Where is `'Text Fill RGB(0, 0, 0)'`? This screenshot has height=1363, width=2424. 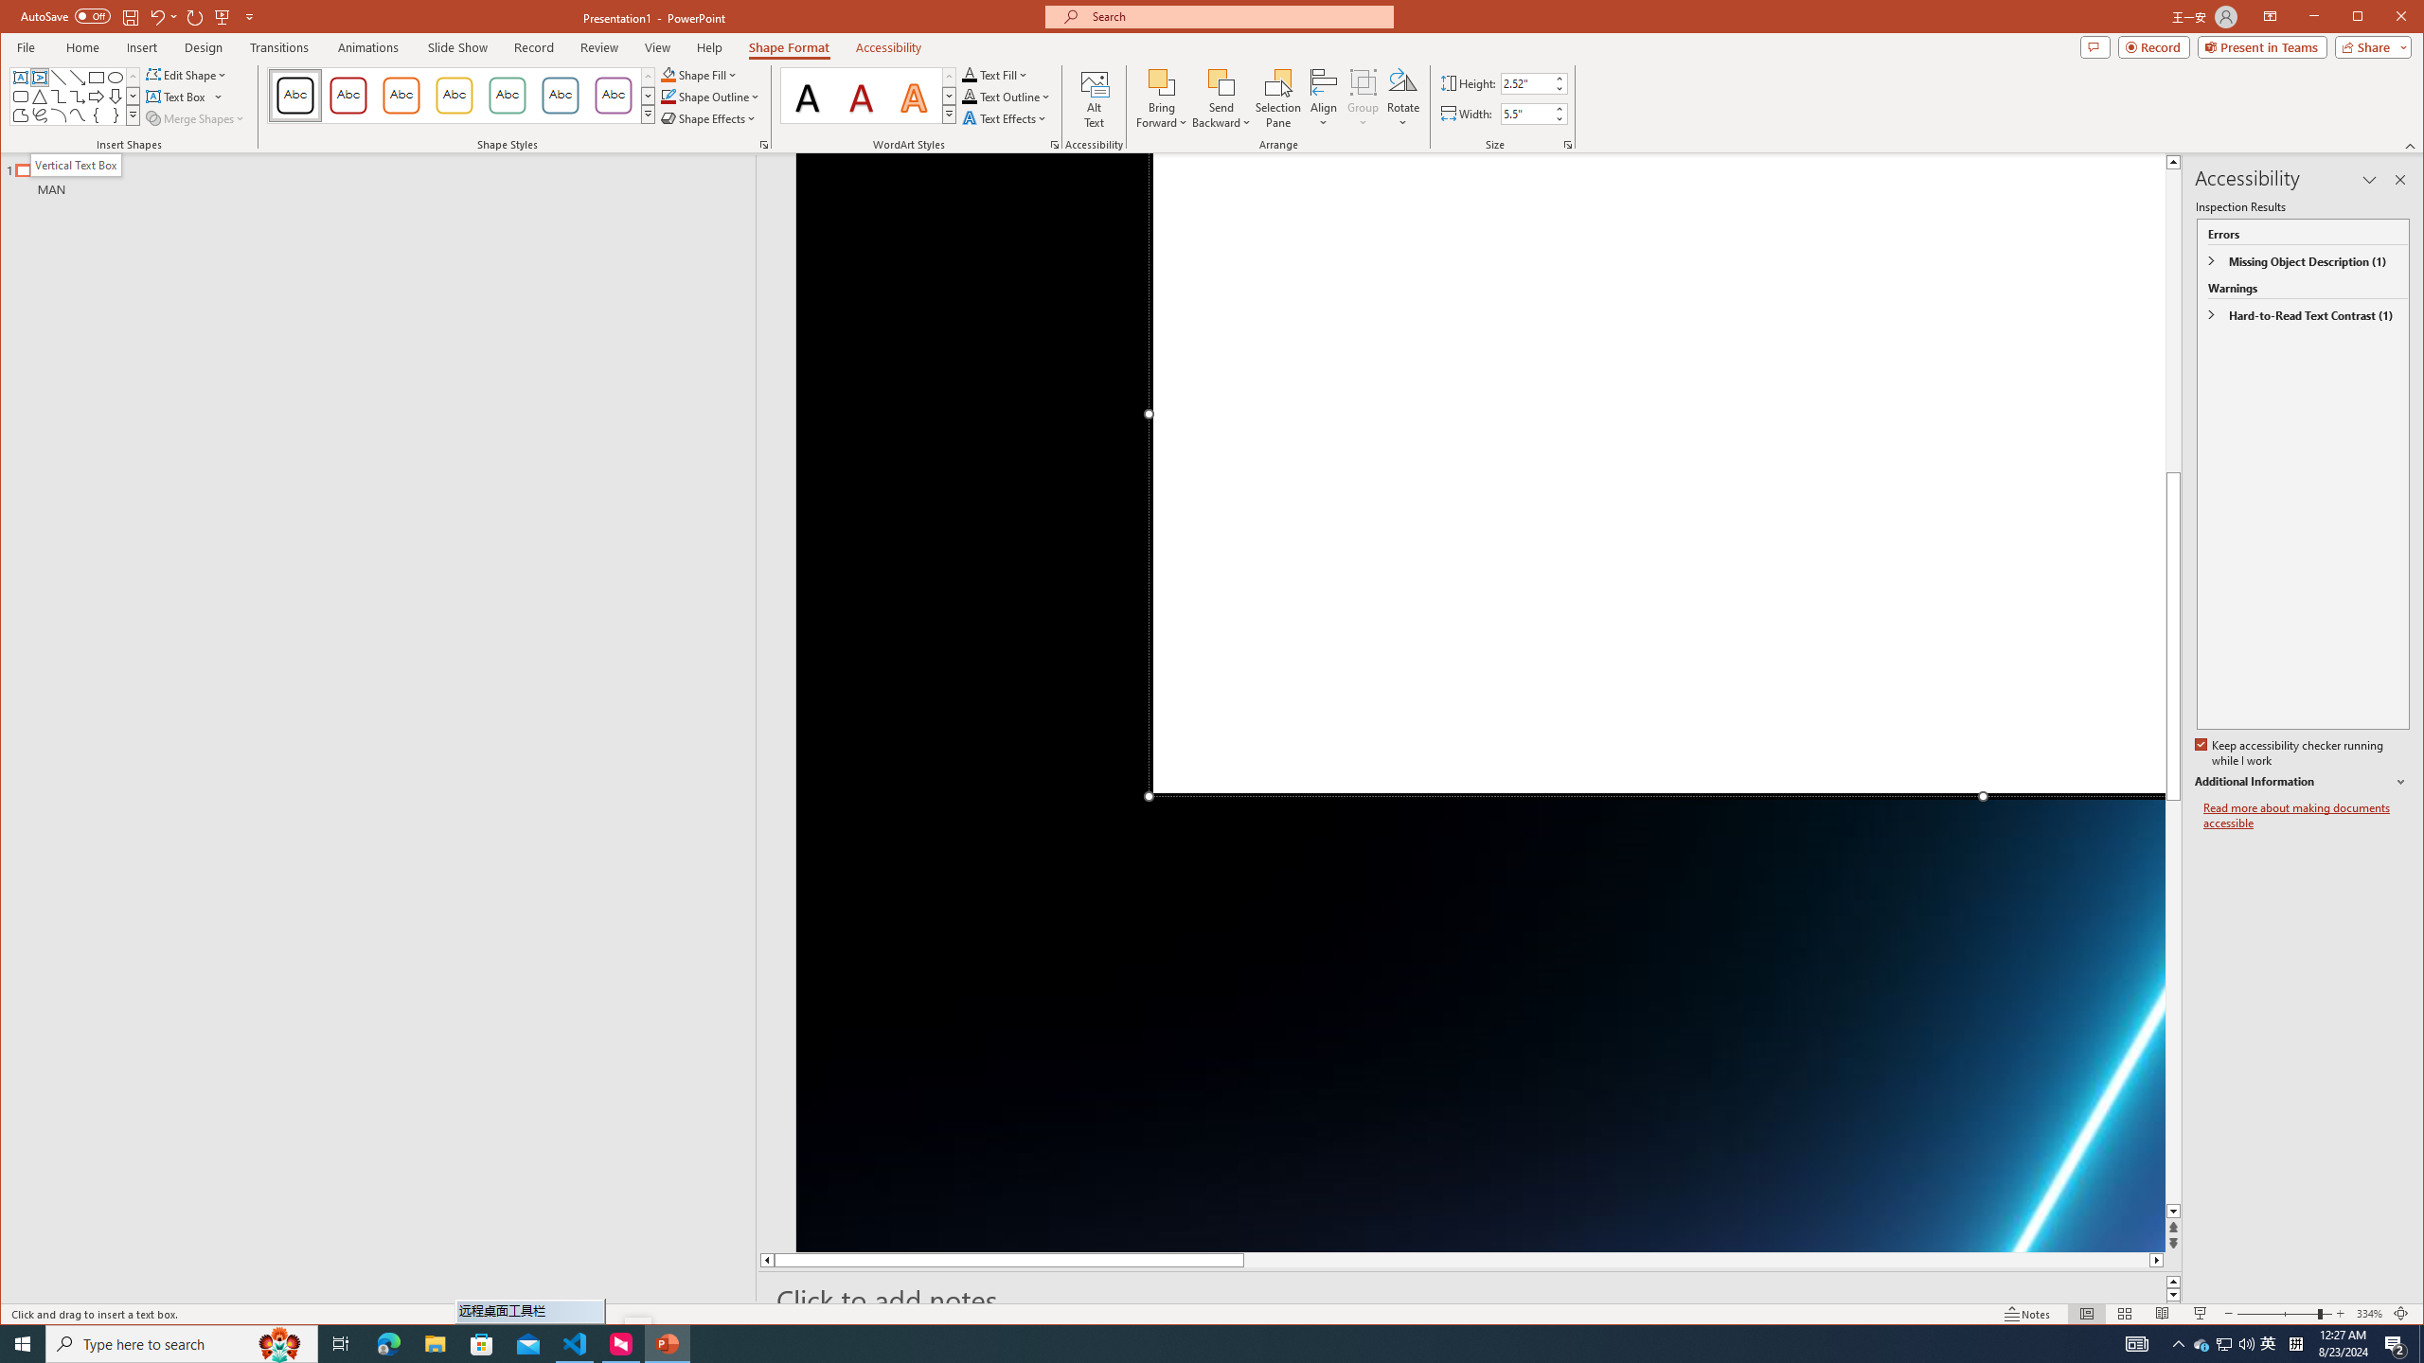 'Text Fill RGB(0, 0, 0)' is located at coordinates (969, 74).